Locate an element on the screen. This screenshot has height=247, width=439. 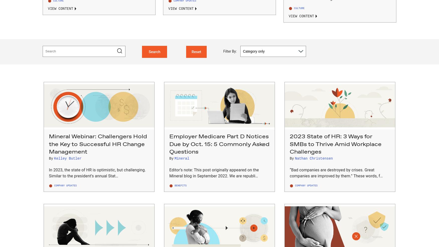
'Reset' is located at coordinates (191, 51).